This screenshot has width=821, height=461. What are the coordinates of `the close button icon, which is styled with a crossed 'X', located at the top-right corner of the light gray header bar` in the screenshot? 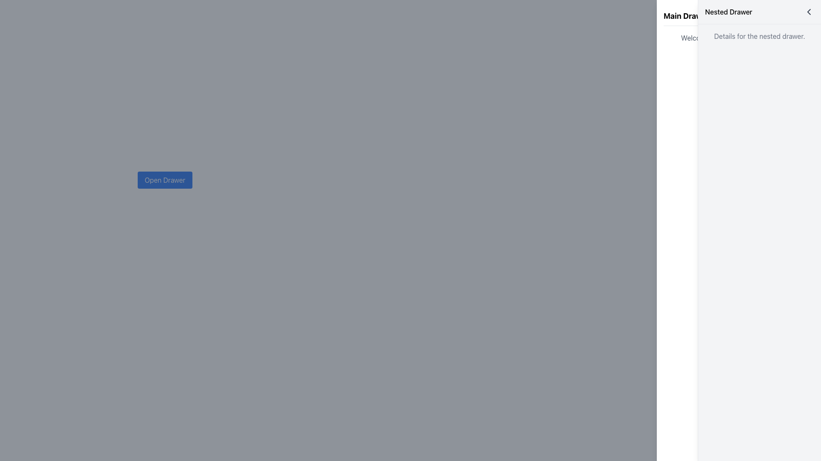 It's located at (808, 16).